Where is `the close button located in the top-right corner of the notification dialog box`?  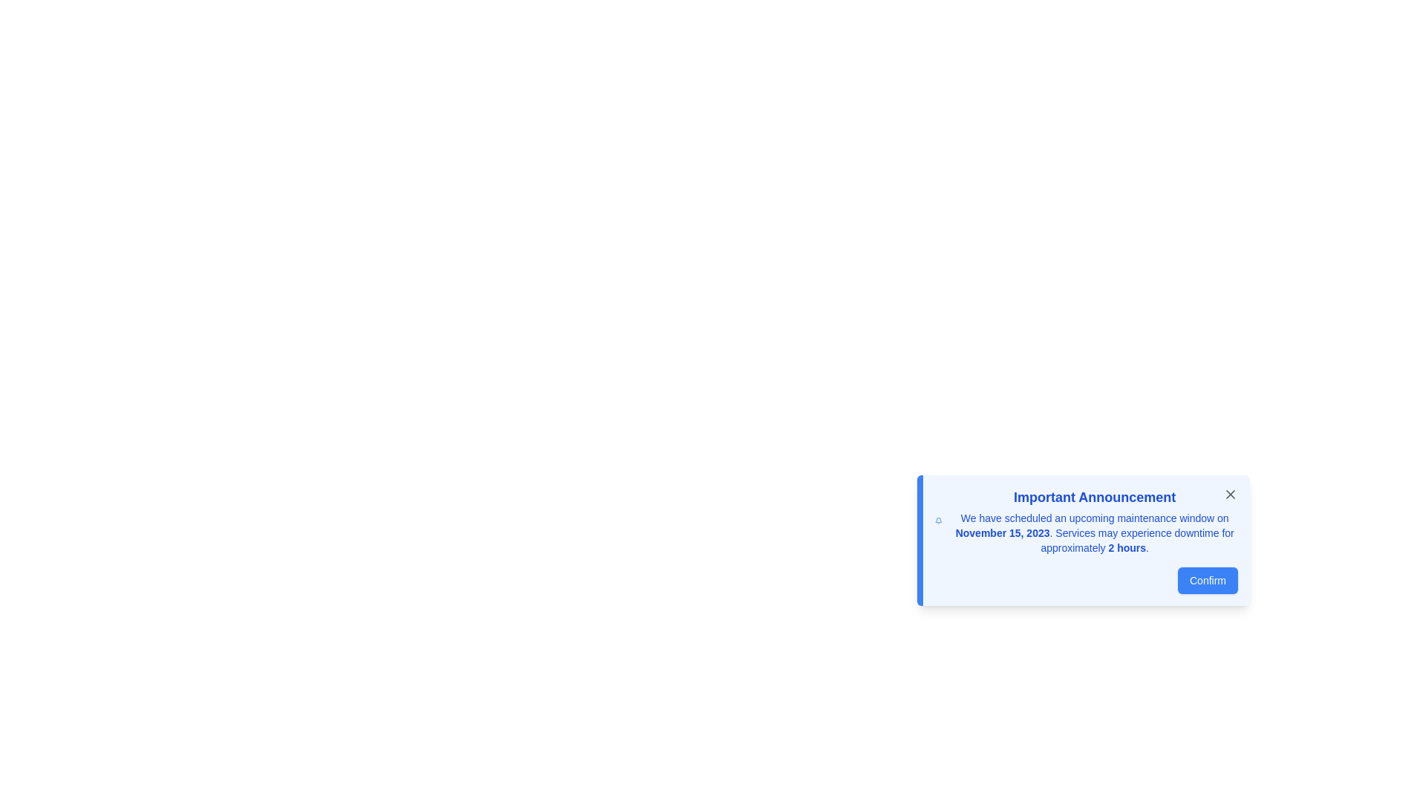 the close button located in the top-right corner of the notification dialog box is located at coordinates (1230, 495).